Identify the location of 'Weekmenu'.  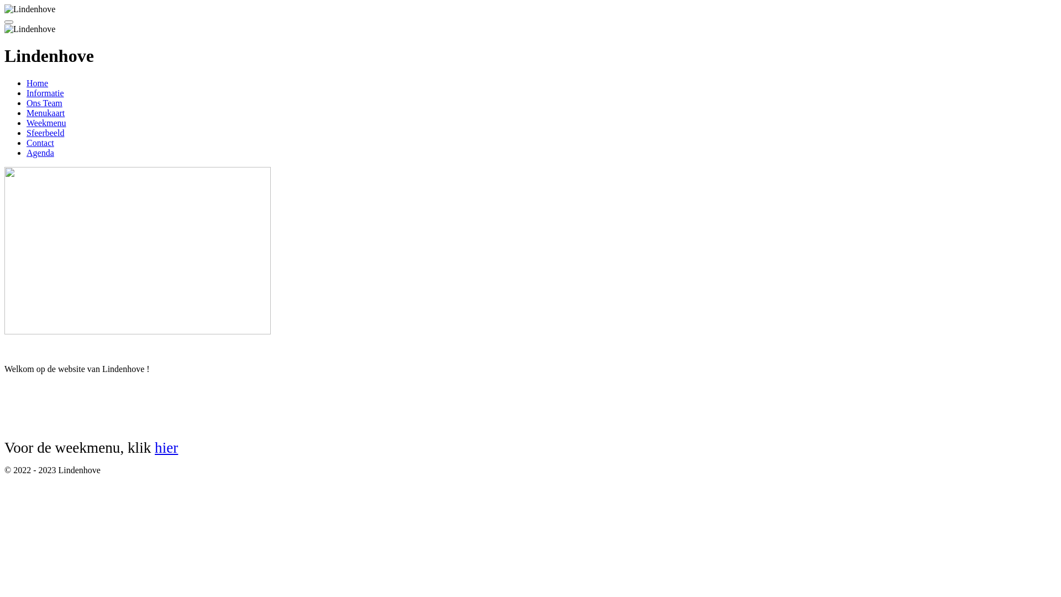
(45, 123).